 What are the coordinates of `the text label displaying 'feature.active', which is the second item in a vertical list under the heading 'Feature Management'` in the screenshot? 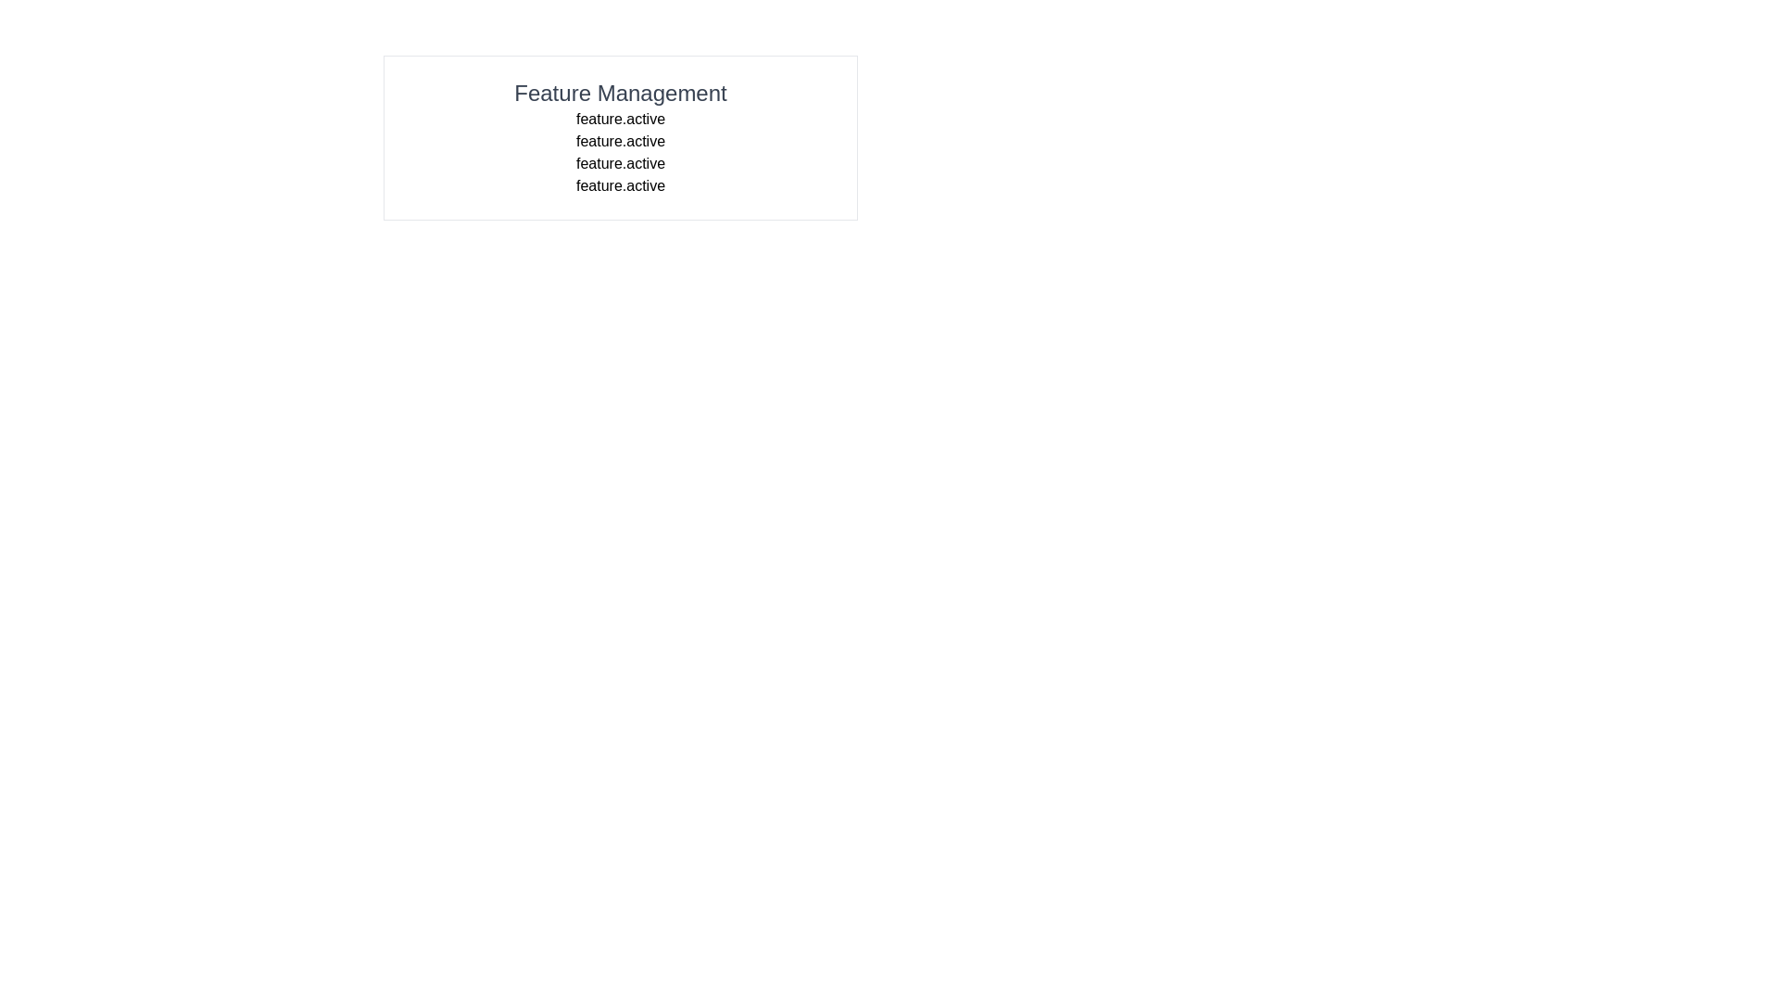 It's located at (621, 141).